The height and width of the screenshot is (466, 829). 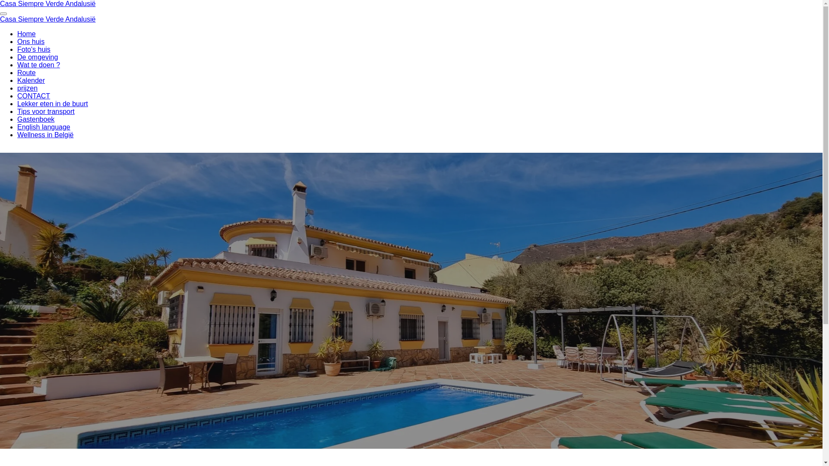 I want to click on 'De omgeving', so click(x=37, y=57).